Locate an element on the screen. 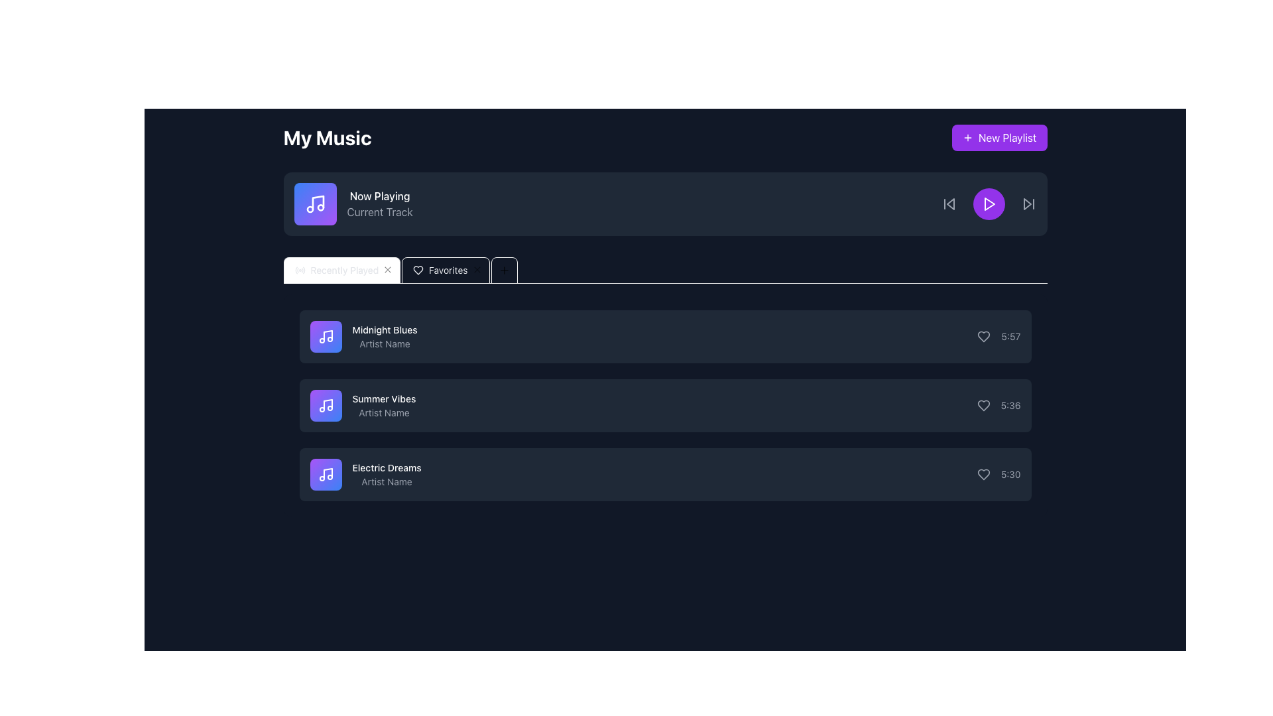  the composite music track element representing the song 'Electric Dreams' by 'Artist Name', located in the bottom section of the playlist, specifically the third item is located at coordinates (365, 474).